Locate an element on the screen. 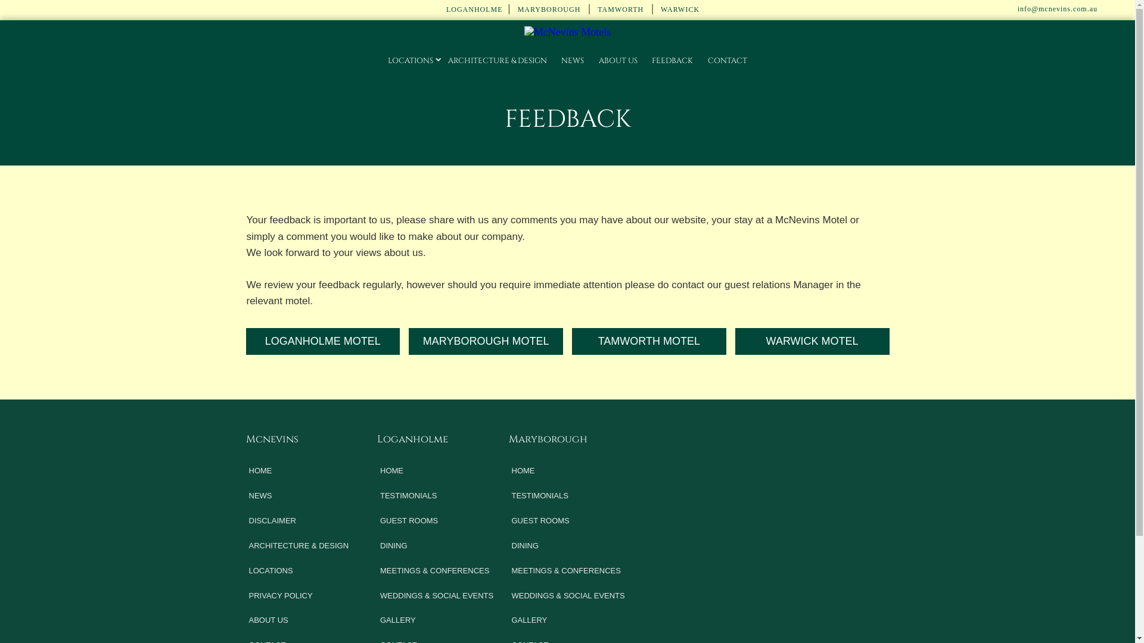 This screenshot has width=1144, height=643. 'ABOUT US' is located at coordinates (618, 60).